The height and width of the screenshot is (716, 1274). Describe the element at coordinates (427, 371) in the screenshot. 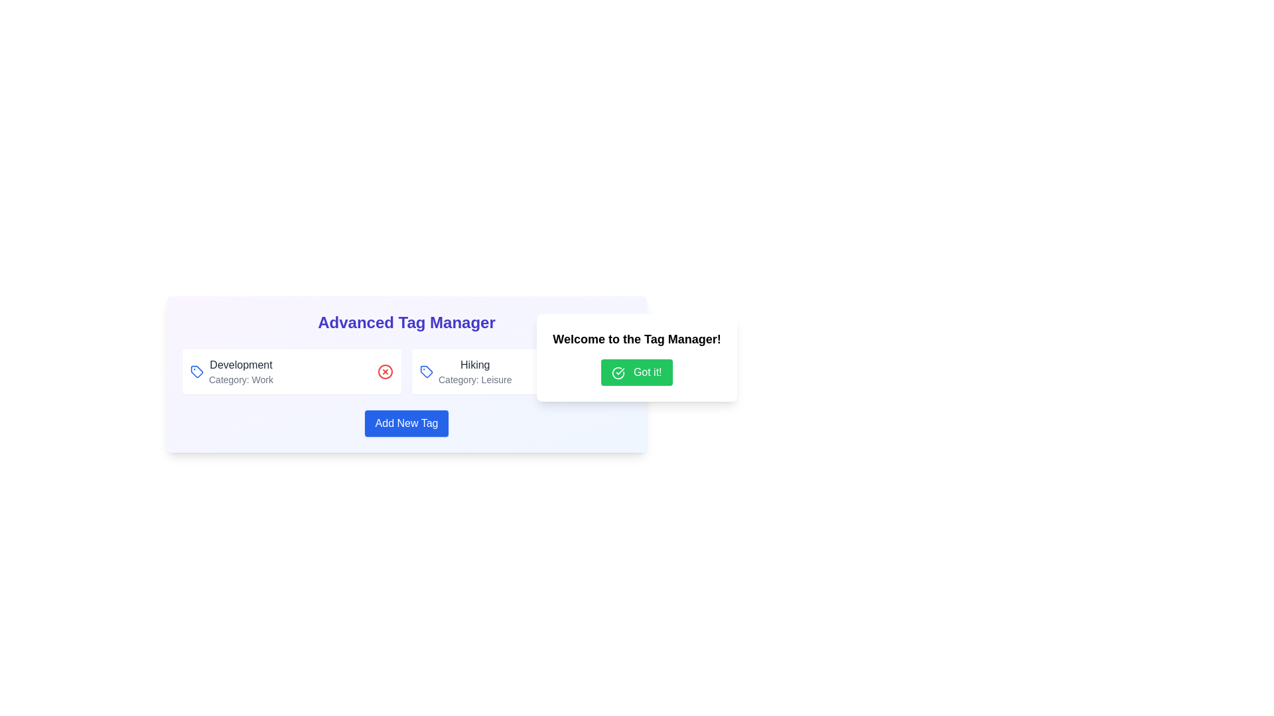

I see `the blue outlined tag icon located to the left of the text 'Hiking Category: Leisure'` at that location.